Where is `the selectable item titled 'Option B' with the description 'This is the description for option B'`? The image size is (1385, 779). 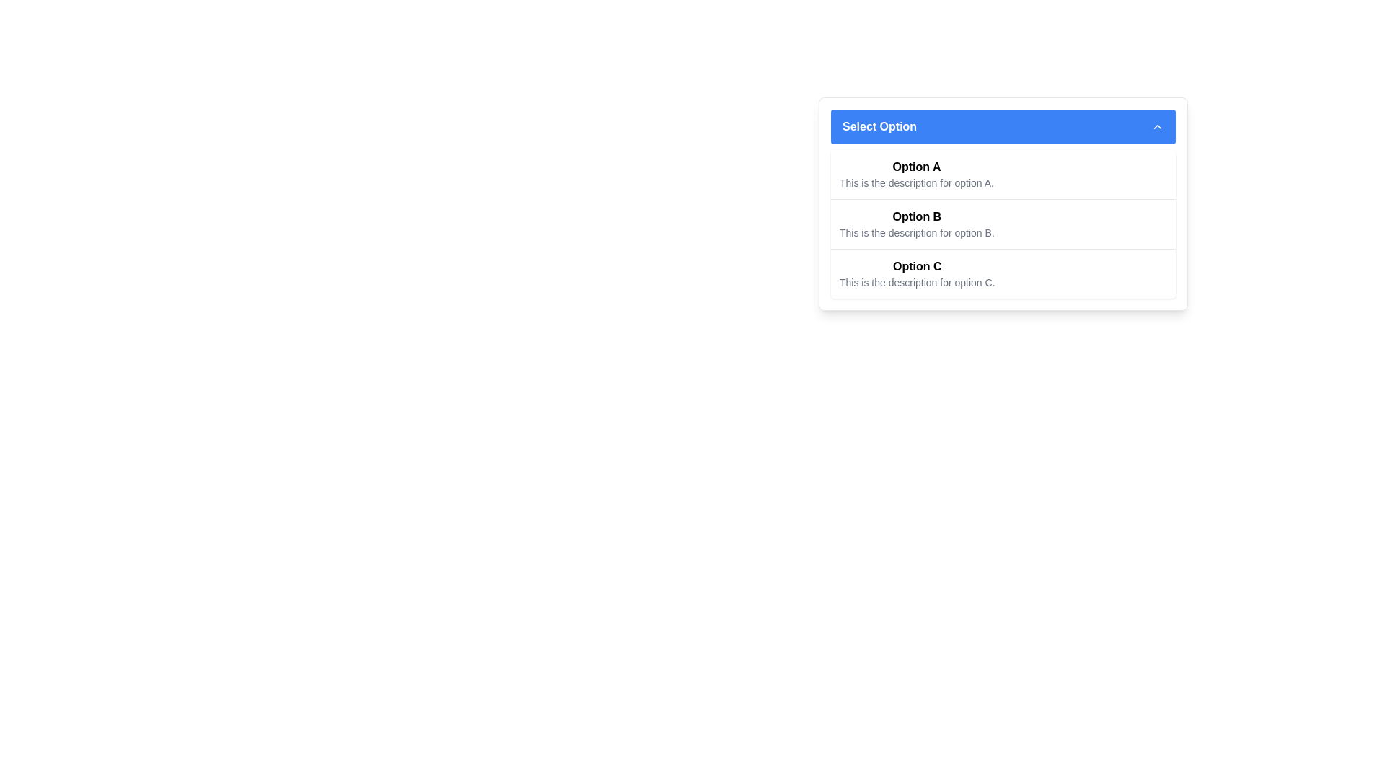
the selectable item titled 'Option B' with the description 'This is the description for option B' is located at coordinates (916, 224).